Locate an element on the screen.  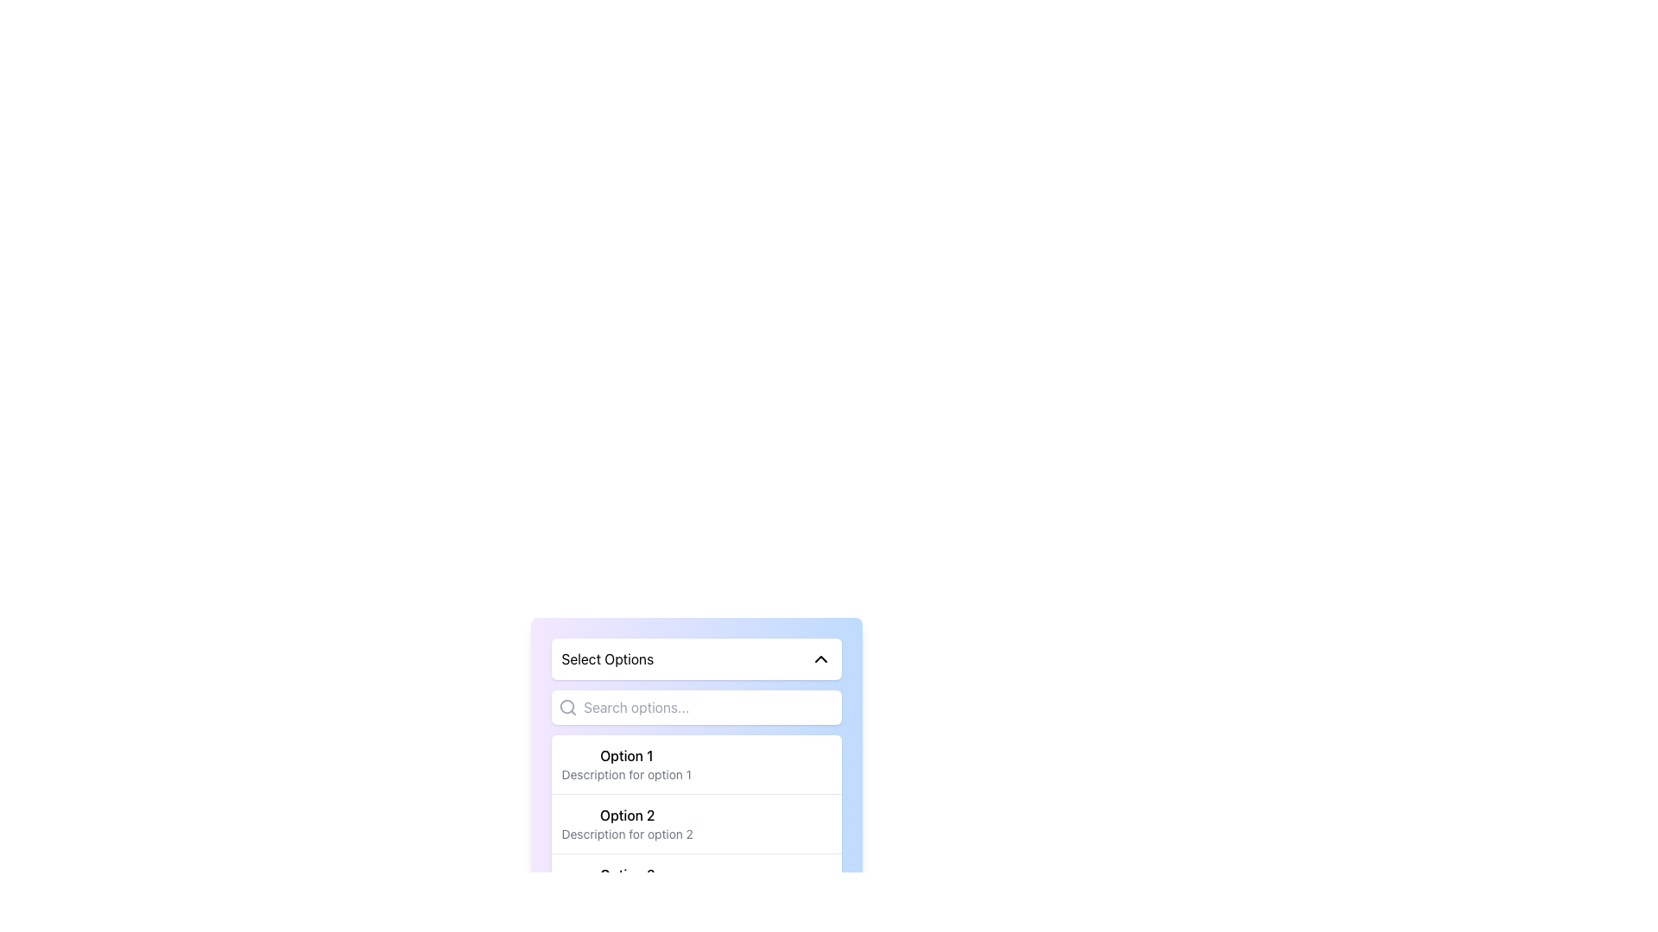
the static text element that reads 'Description for option 2,' which is located directly below the bold header 'Option 2' in the dropdown menu is located at coordinates (626, 834).